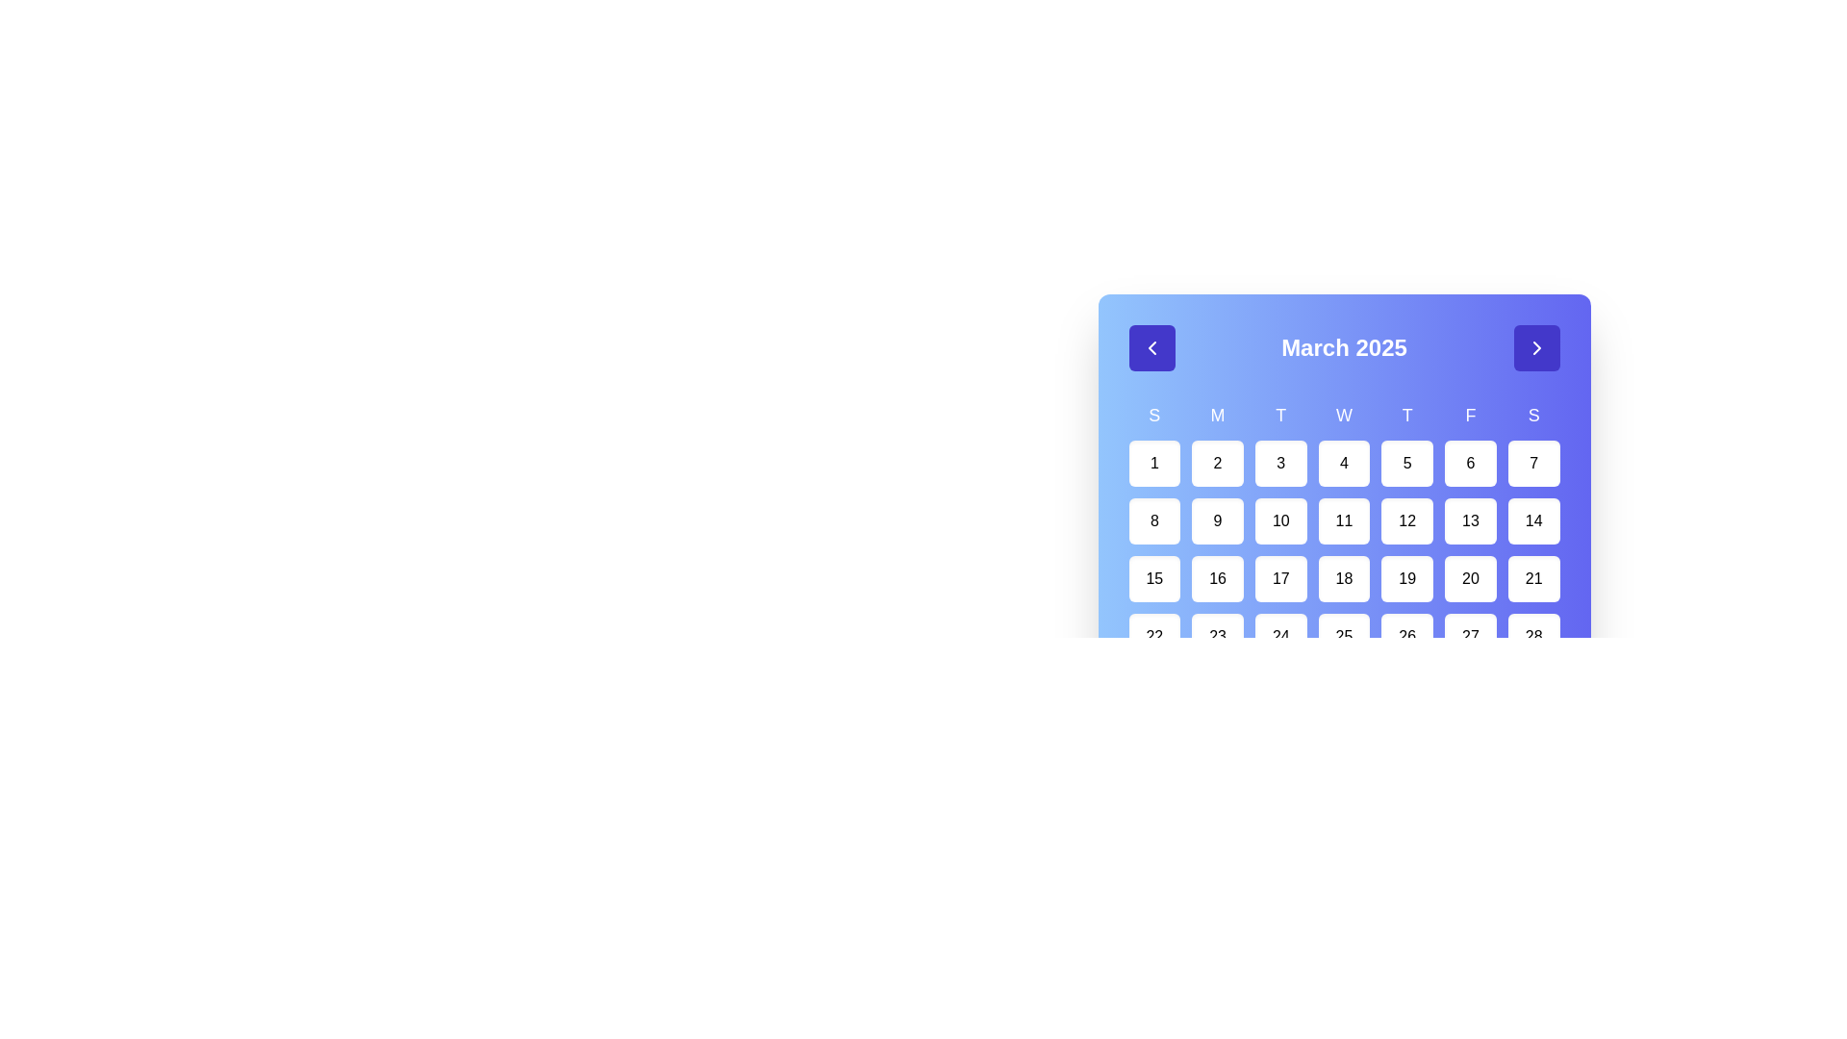 The height and width of the screenshot is (1039, 1847). I want to click on the selectable date button representing the 12th day in the calendar interface, located in the third row and fifth column of the grid layout, so click(1407, 521).